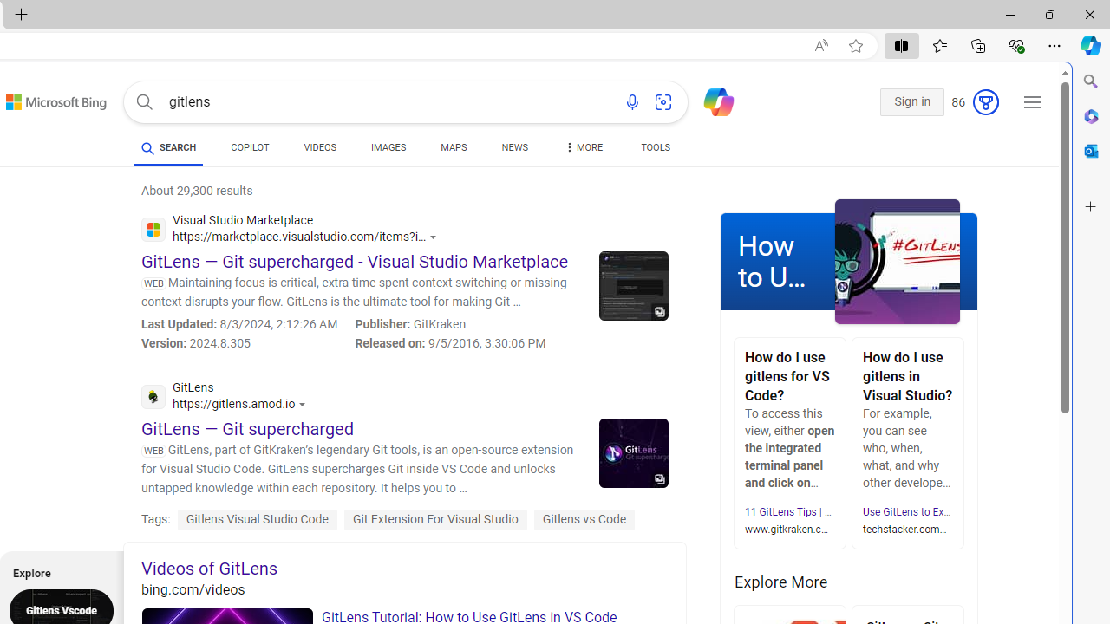 The image size is (1110, 624). Describe the element at coordinates (513, 149) in the screenshot. I see `'NEWS'` at that location.